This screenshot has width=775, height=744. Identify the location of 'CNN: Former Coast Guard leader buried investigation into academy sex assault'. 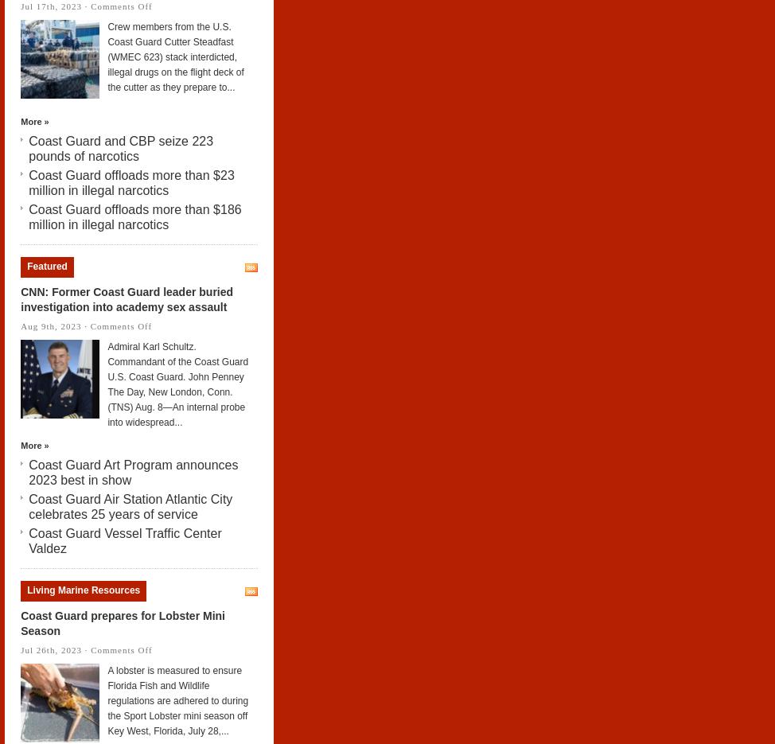
(21, 298).